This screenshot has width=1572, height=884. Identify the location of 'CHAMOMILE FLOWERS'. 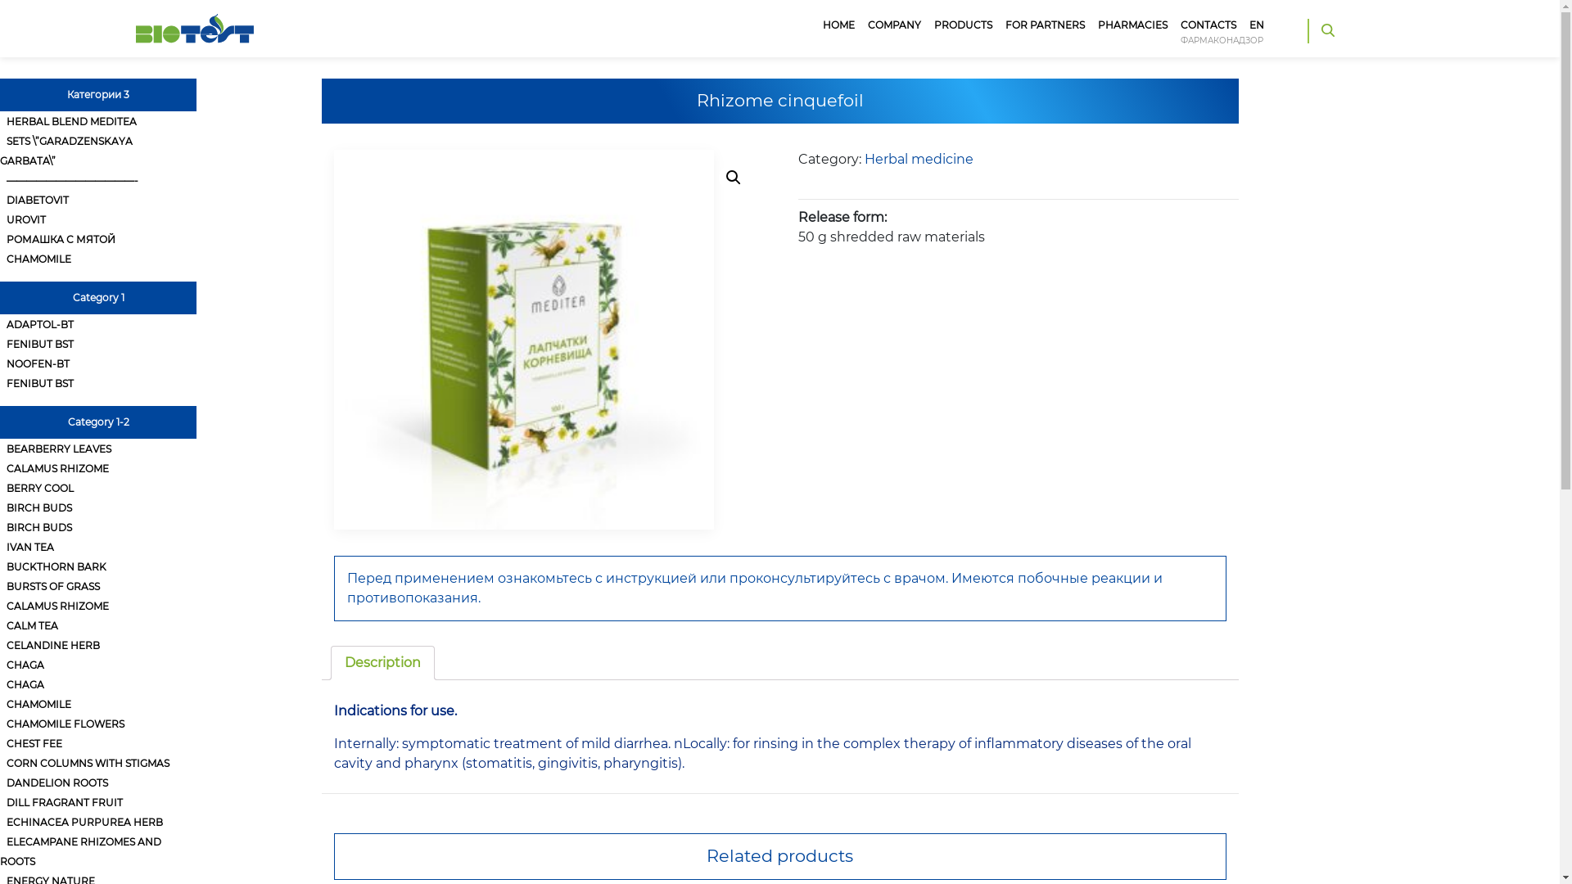
(0, 723).